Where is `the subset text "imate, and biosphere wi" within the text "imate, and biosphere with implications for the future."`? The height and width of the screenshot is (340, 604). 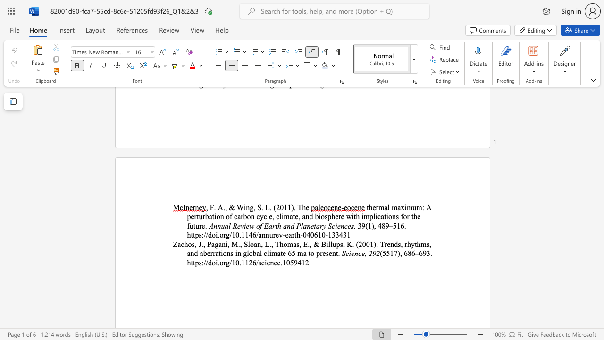 the subset text "imate, and biosphere wi" within the text "imate, and biosphere with implications for the future." is located at coordinates (281, 216).